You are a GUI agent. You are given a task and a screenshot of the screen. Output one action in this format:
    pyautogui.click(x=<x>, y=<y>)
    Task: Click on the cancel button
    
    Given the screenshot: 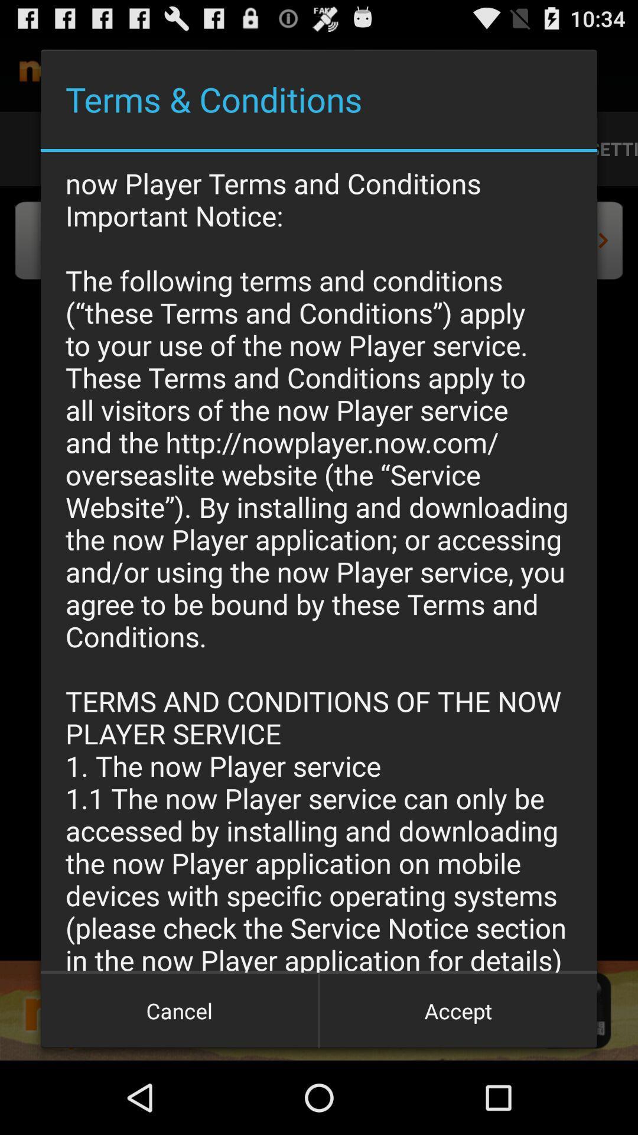 What is the action you would take?
    pyautogui.click(x=180, y=1010)
    